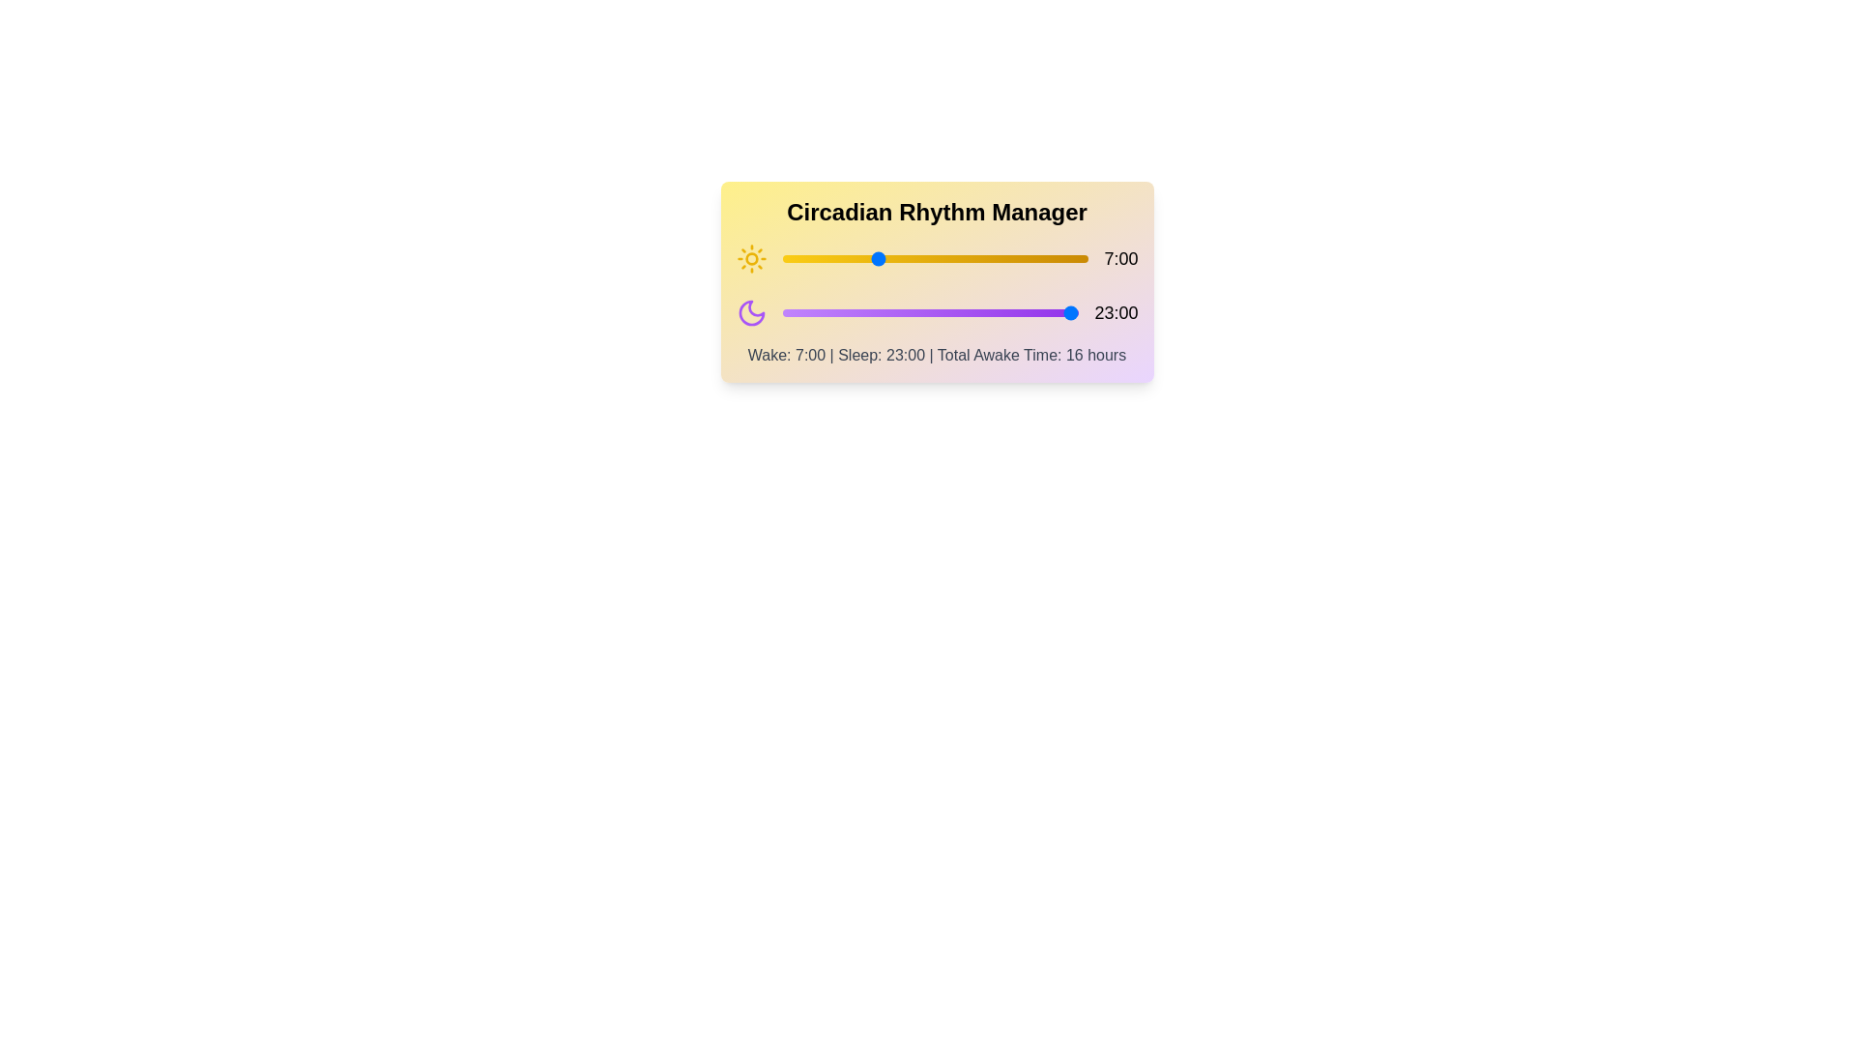  What do you see at coordinates (929, 257) in the screenshot?
I see `the wake time slider to 11 hours` at bounding box center [929, 257].